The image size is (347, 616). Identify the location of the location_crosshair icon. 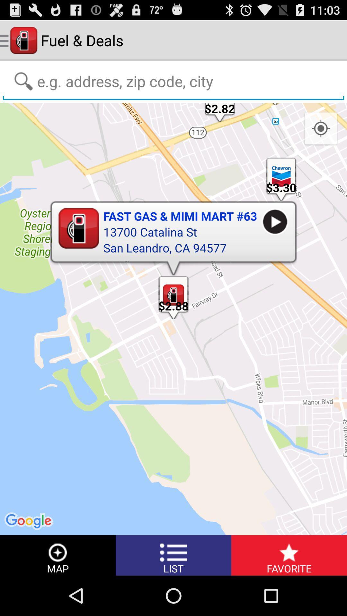
(321, 137).